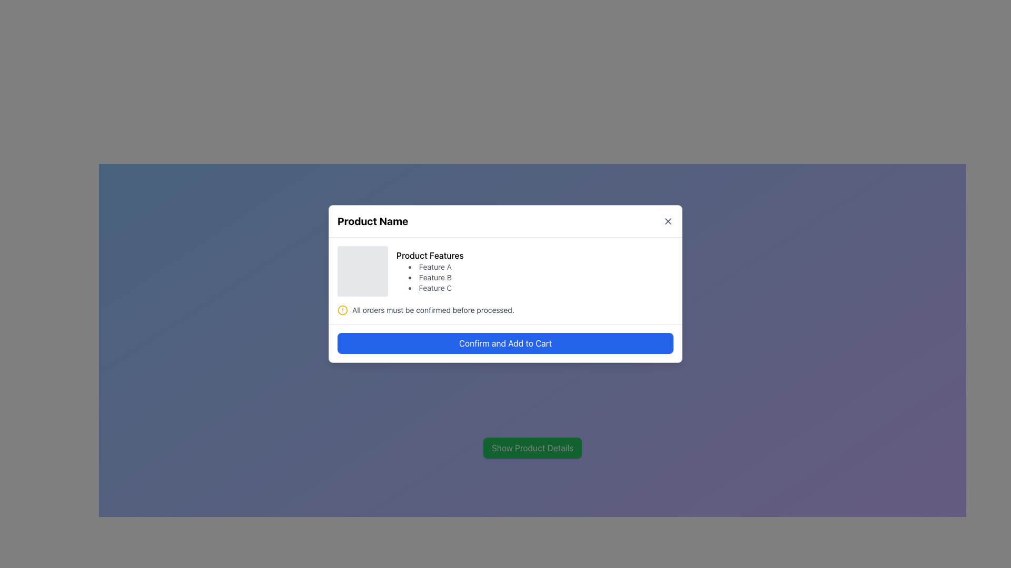 The width and height of the screenshot is (1011, 568). I want to click on the confirmation button located at the bottom of the card labeled 'Product Name', which is positioned below the text 'All orders must be confirmed before processed.', so click(506, 343).